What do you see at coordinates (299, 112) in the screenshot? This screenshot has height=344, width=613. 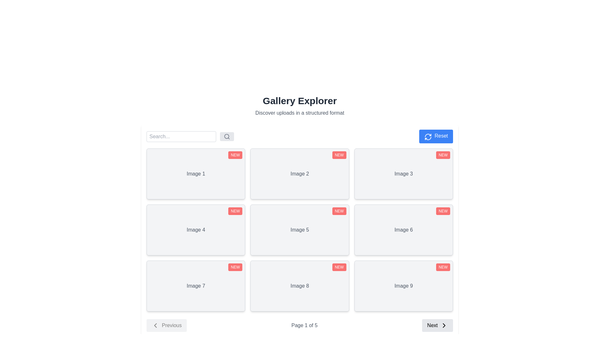 I see `the static text element stating 'Discover uploads in a structured format', which is positioned directly below the header 'Gallery Explorer'` at bounding box center [299, 112].